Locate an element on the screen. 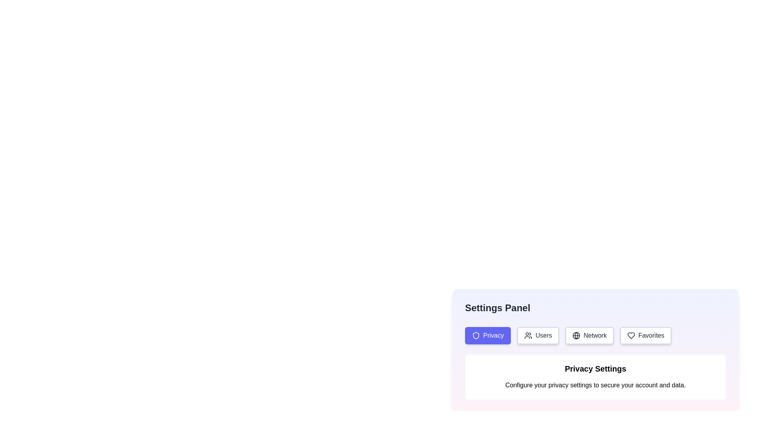  the 'Favorites' button, which is the fourth button in a horizontal group of four buttons including 'Privacy', 'Users', and 'Network' is located at coordinates (645, 336).